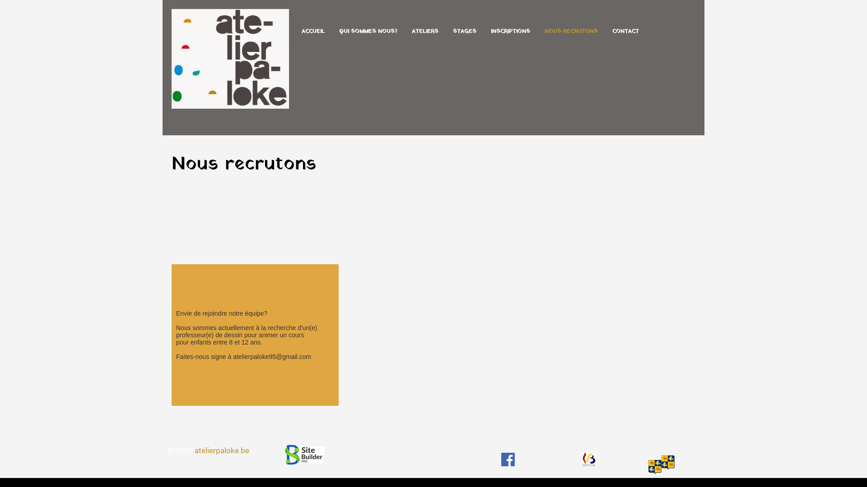 Image resolution: width=867 pixels, height=487 pixels. What do you see at coordinates (571, 32) in the screenshot?
I see `'NOUS RECRUTONS'` at bounding box center [571, 32].